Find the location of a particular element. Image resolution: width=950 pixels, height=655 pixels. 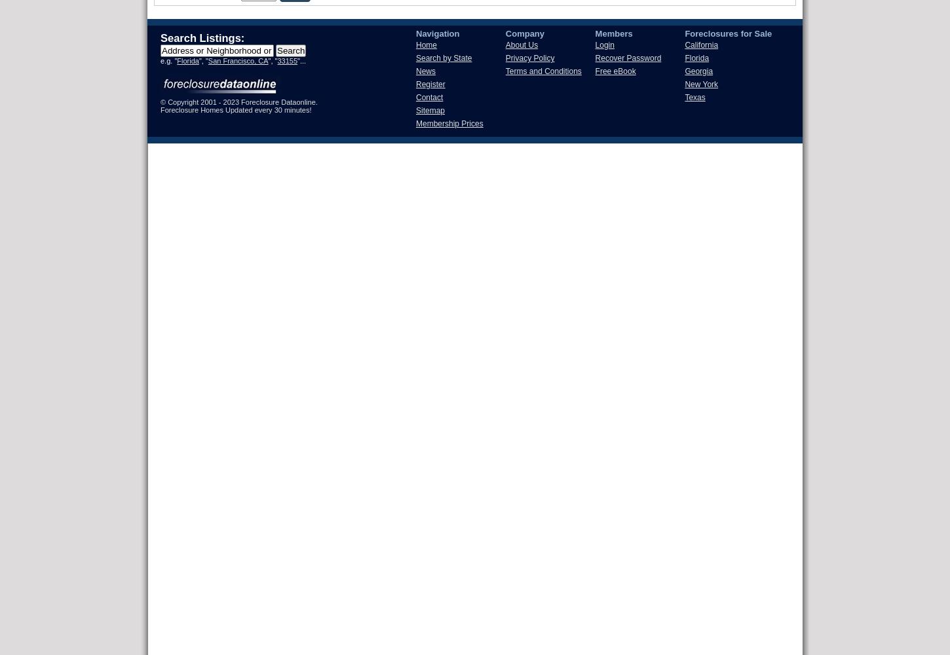

'News' is located at coordinates (425, 71).